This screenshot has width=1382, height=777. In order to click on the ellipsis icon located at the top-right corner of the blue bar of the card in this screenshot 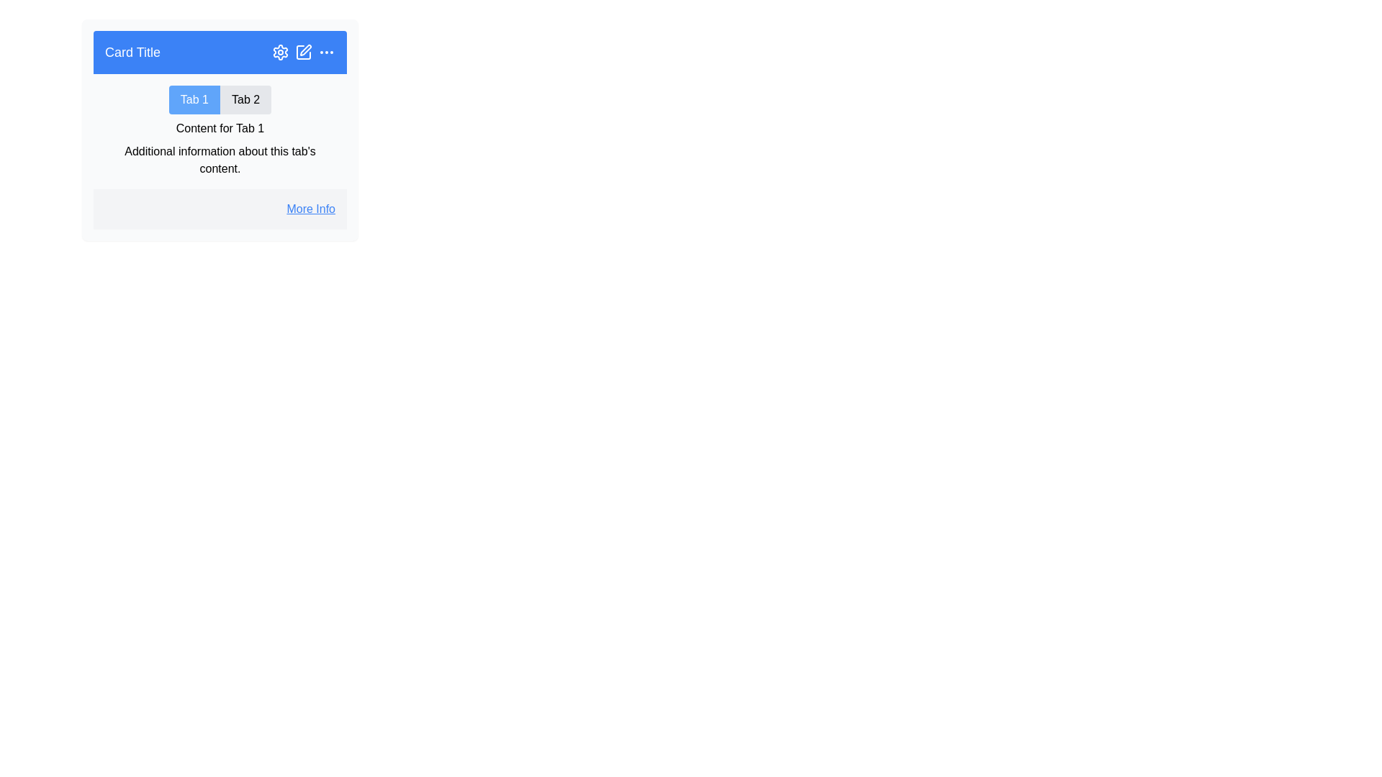, I will do `click(326, 52)`.